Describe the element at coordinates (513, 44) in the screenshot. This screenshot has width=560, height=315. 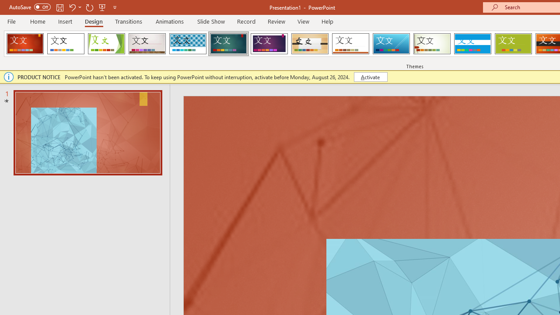
I see `'Basis'` at that location.